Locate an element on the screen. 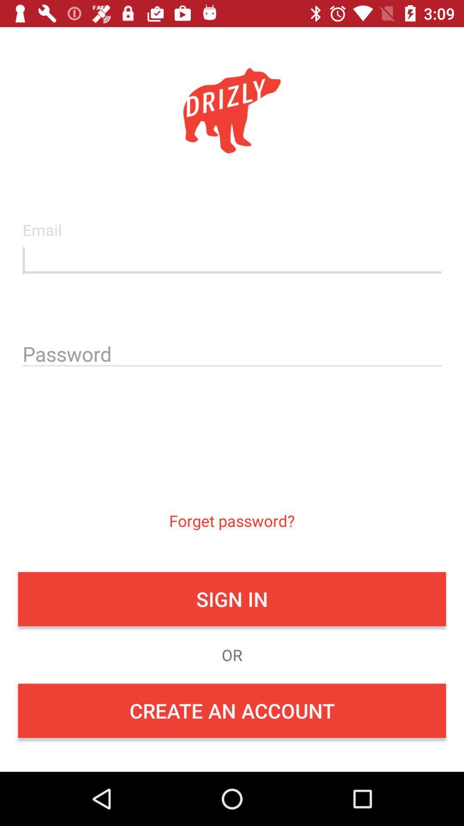  password enter box is located at coordinates (232, 352).